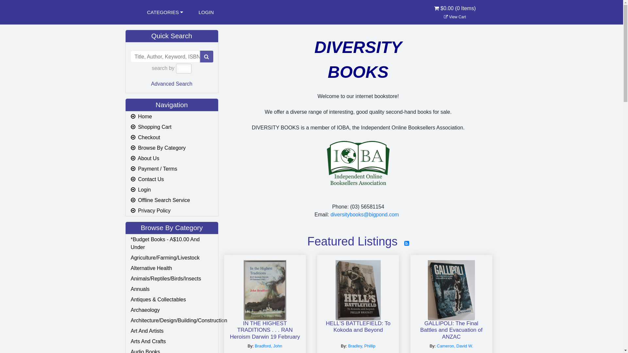 The width and height of the screenshot is (628, 353). I want to click on 'CATEGORIES ', so click(165, 12).